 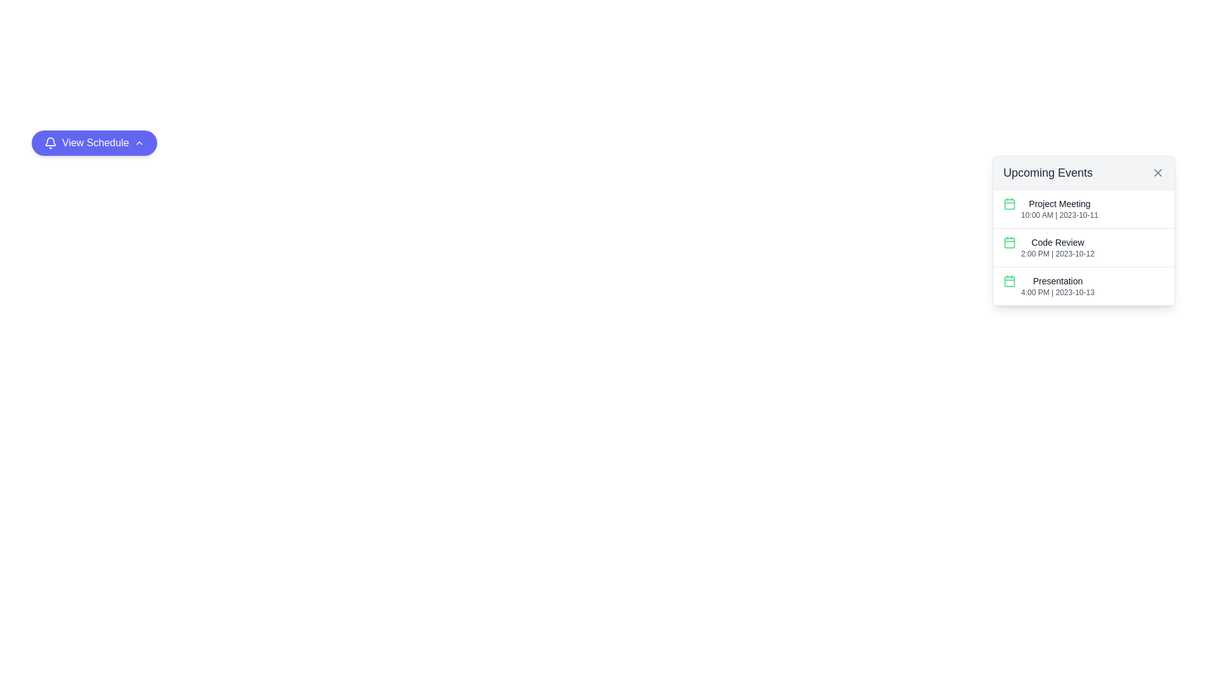 I want to click on the rounded purple button labeled 'View Schedule' with a bell icon and a chevron icon, so click(x=93, y=142).